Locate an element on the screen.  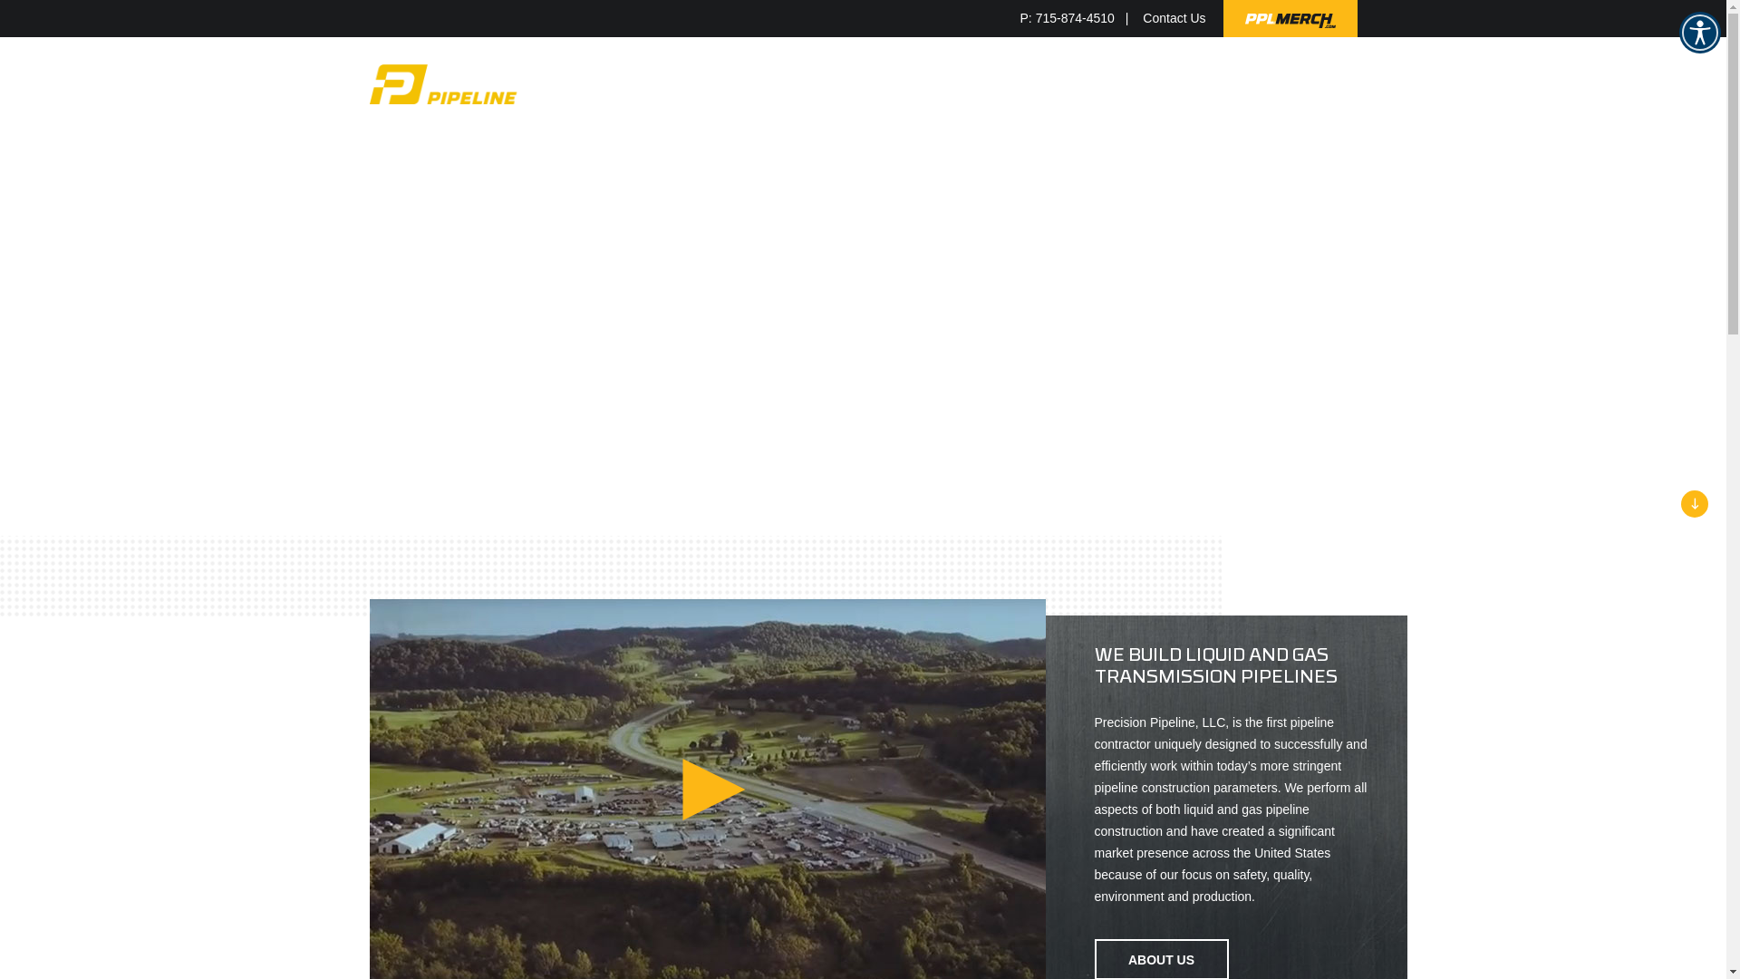
'Precision Pipeline' is located at coordinates (487, 83).